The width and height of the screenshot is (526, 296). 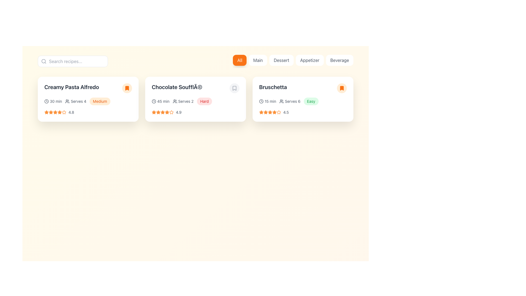 I want to click on the static text label that indicates the number of servings for the 'Bruschetta' recipe, so click(x=292, y=101).